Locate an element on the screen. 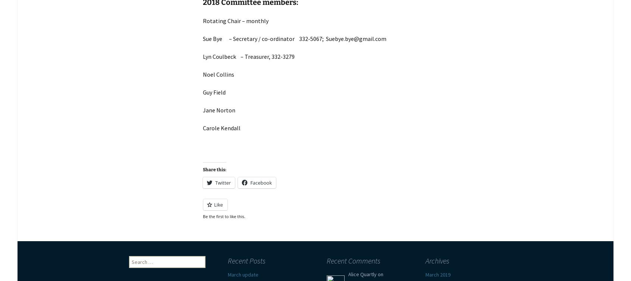 Image resolution: width=631 pixels, height=281 pixels. 'March 2019' is located at coordinates (425, 274).